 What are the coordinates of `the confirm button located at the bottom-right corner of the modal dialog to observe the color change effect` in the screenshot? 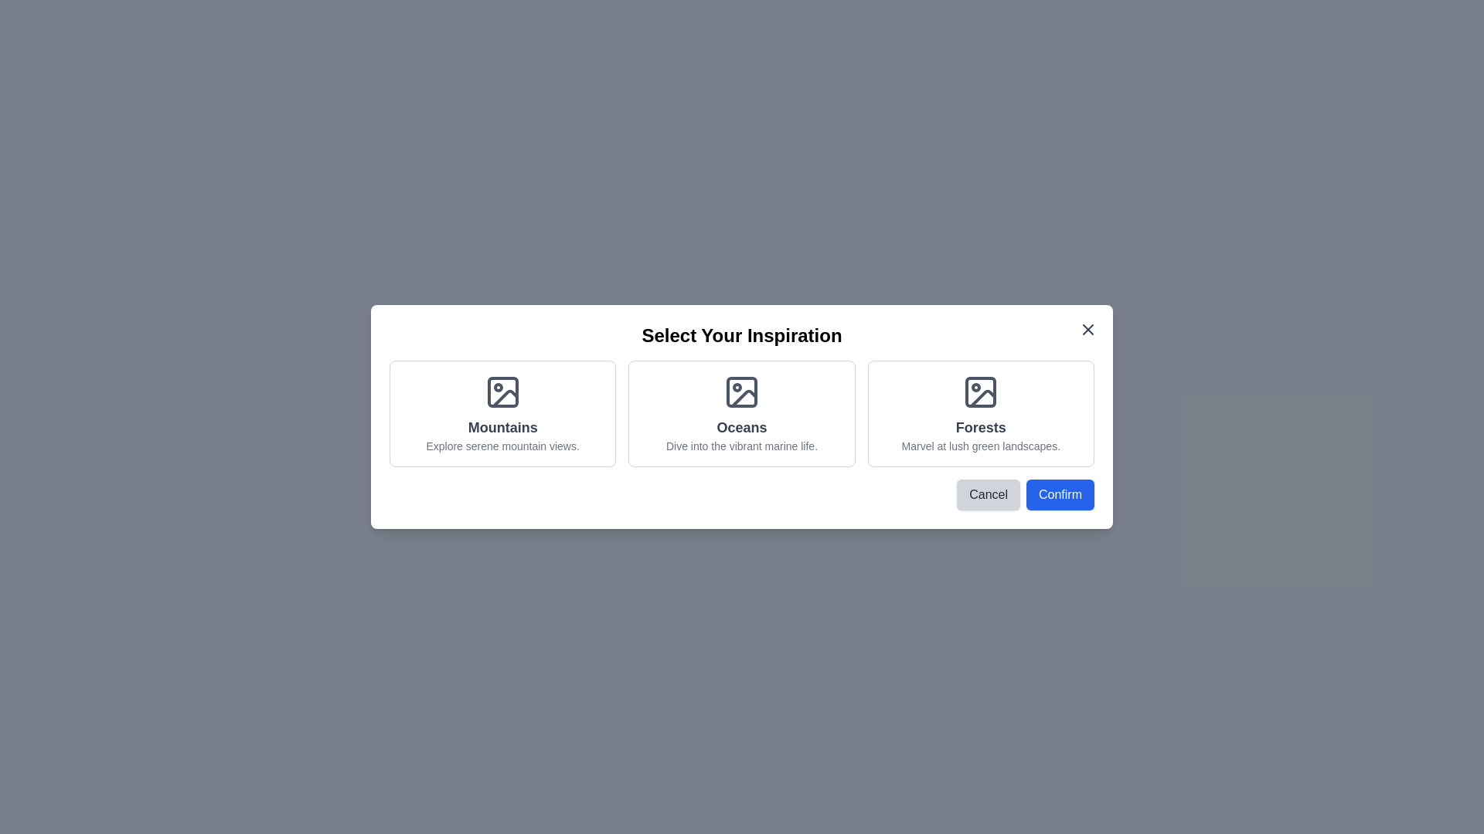 It's located at (1060, 494).